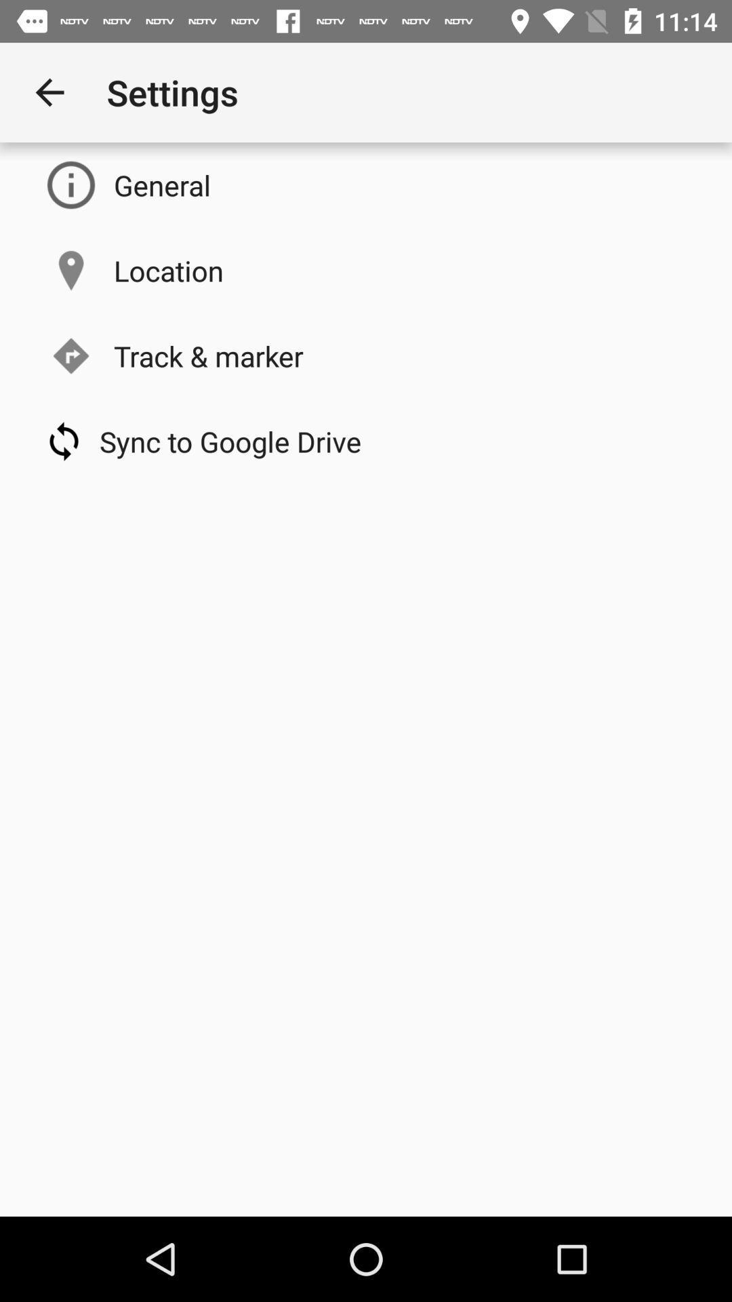  I want to click on location icon, so click(168, 270).